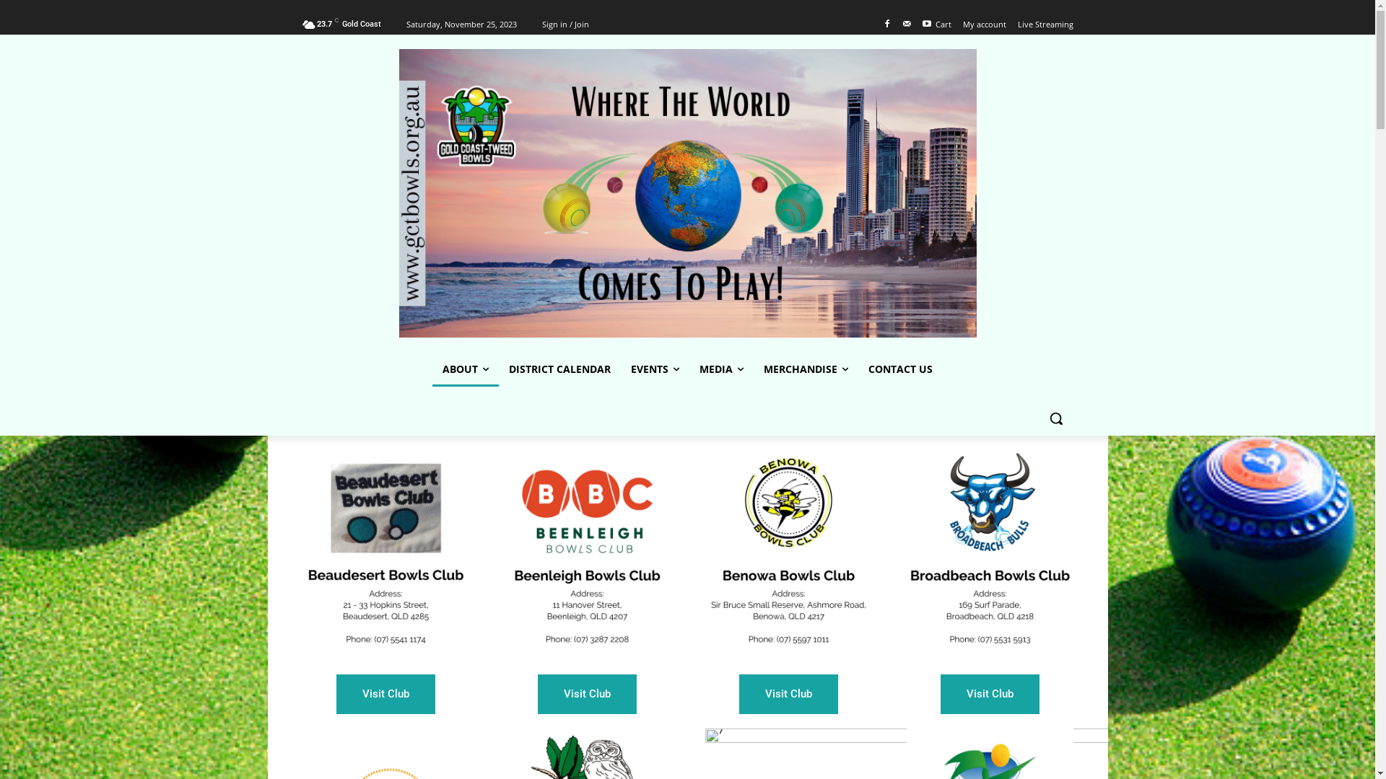  What do you see at coordinates (564, 25) in the screenshot?
I see `'Sign in / Join'` at bounding box center [564, 25].